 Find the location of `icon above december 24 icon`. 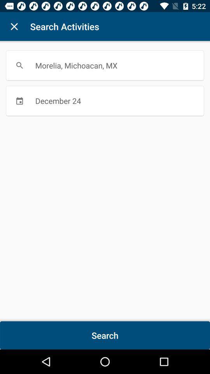

icon above december 24 icon is located at coordinates (105, 65).